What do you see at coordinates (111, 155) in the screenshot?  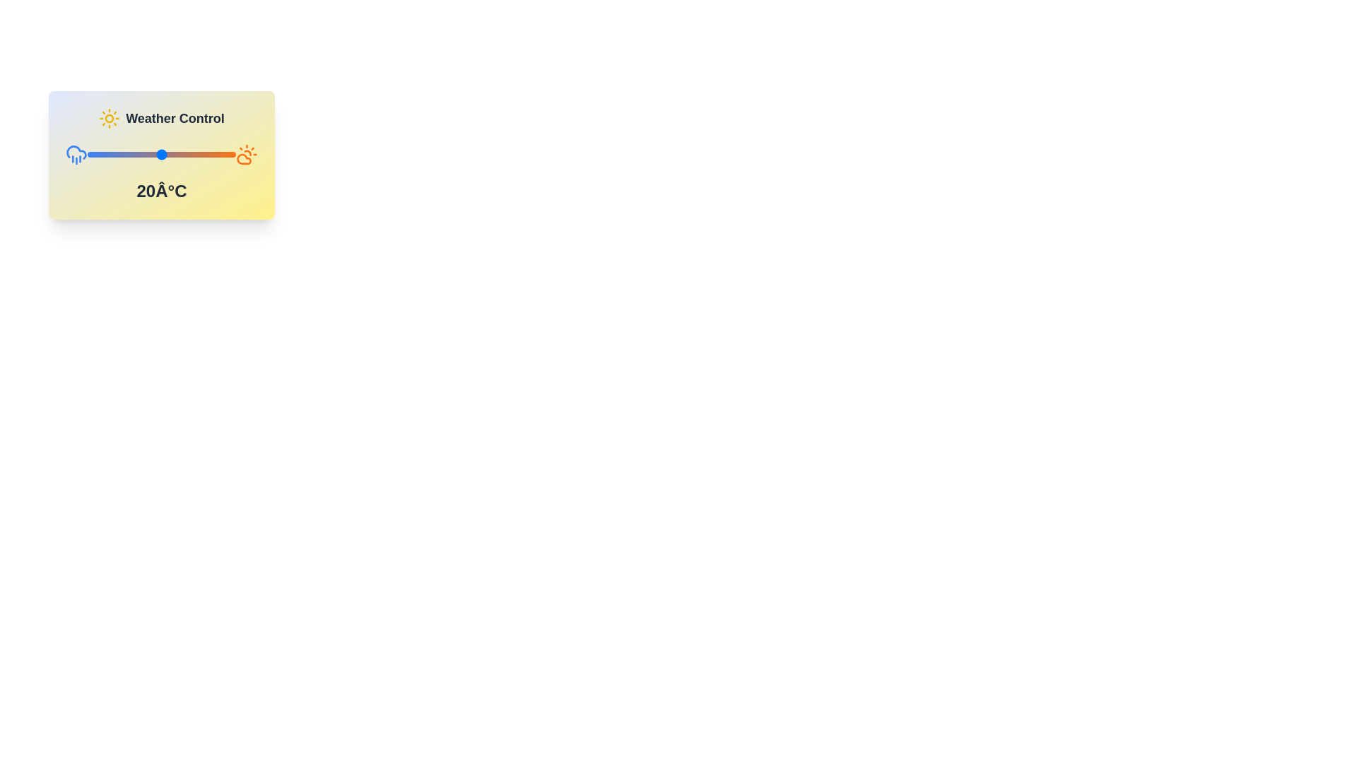 I see `the temperature slider to 0 degrees Celsius` at bounding box center [111, 155].